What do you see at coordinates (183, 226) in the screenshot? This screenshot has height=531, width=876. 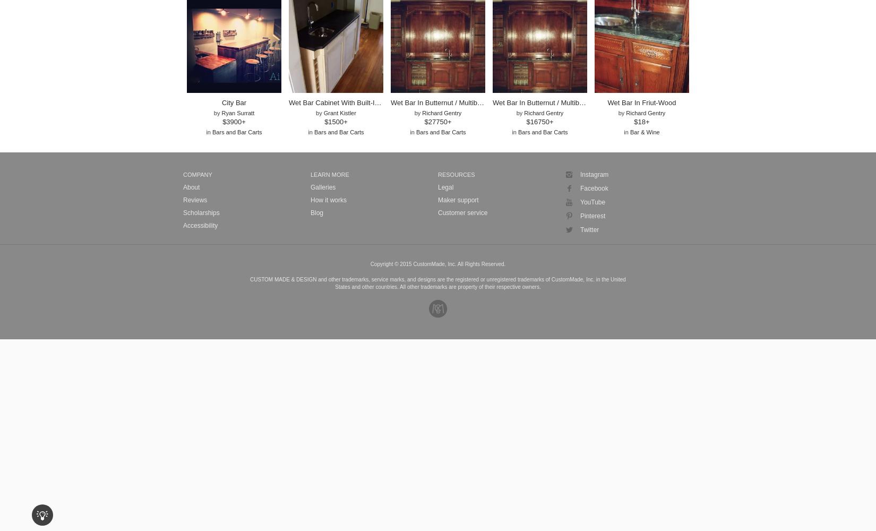 I see `'Accessibility'` at bounding box center [183, 226].